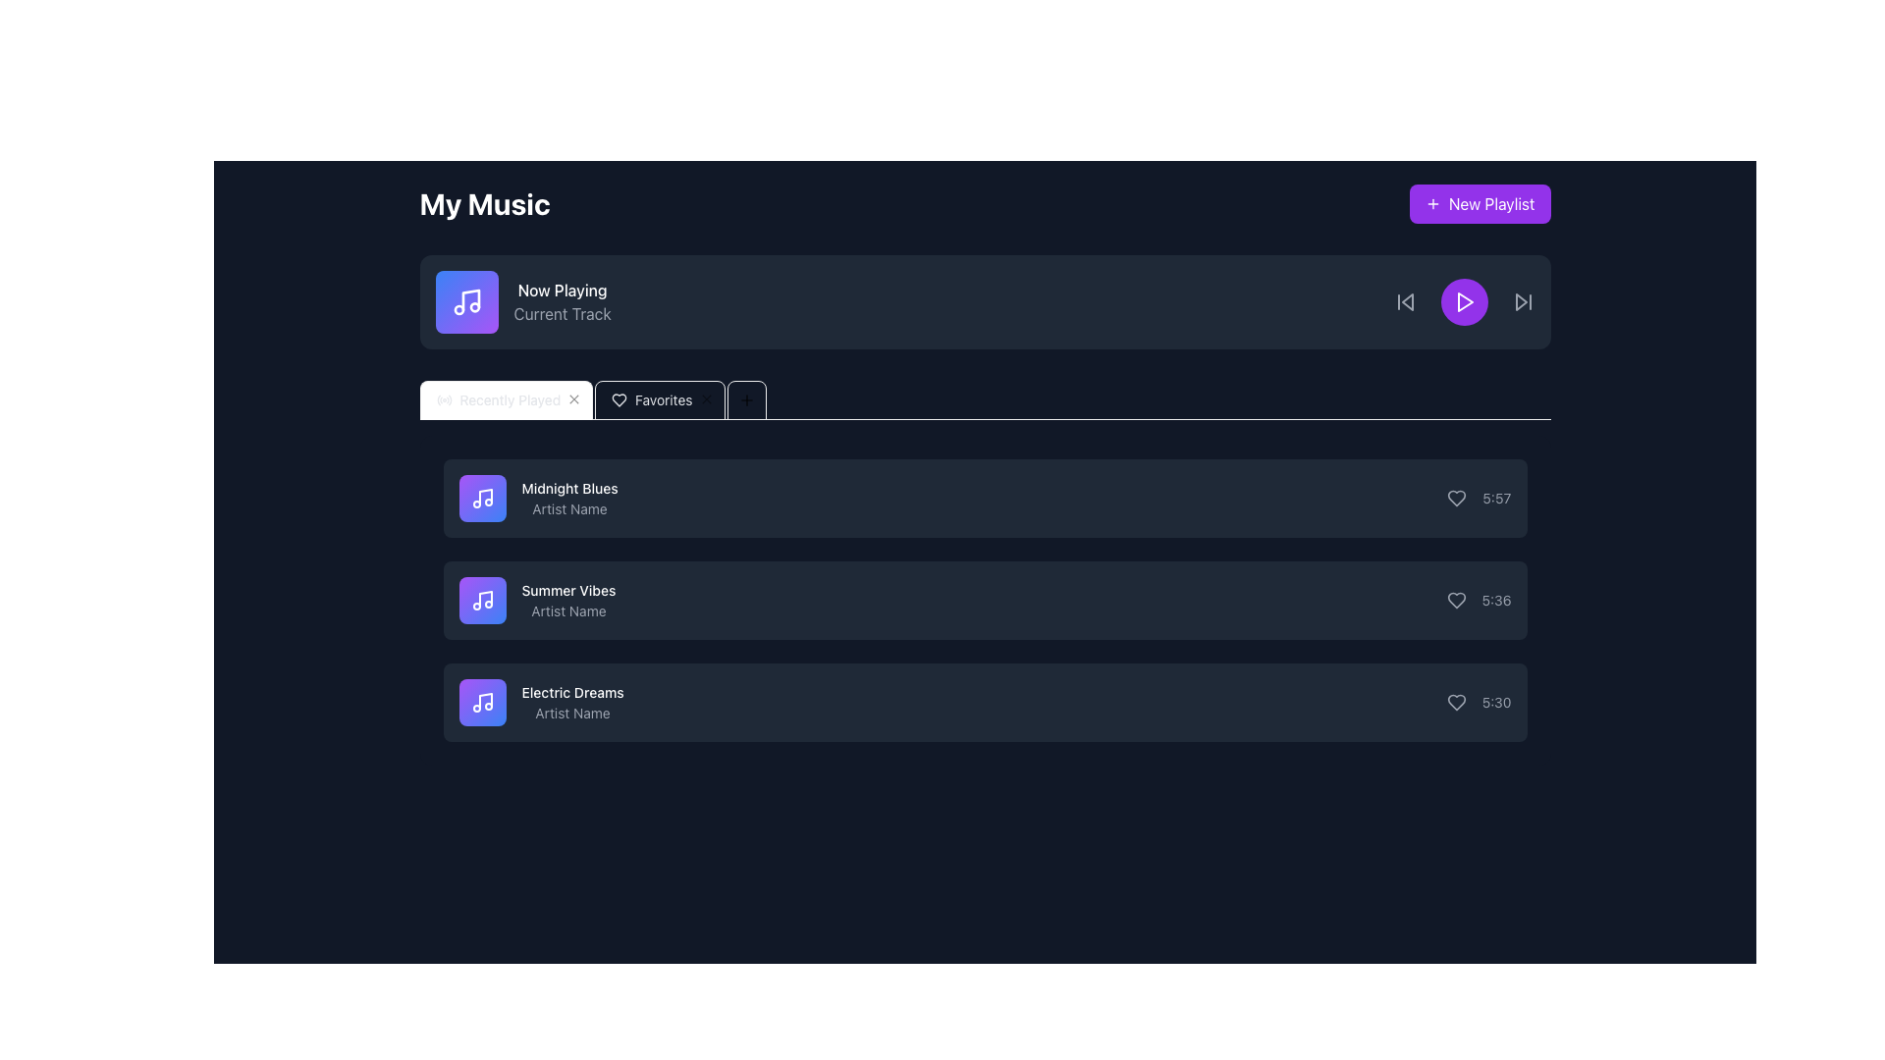 The width and height of the screenshot is (1885, 1060). What do you see at coordinates (1520, 302) in the screenshot?
I see `the triangular play icon, which is styled as a forward arrow and is located inside a rectangular button area` at bounding box center [1520, 302].